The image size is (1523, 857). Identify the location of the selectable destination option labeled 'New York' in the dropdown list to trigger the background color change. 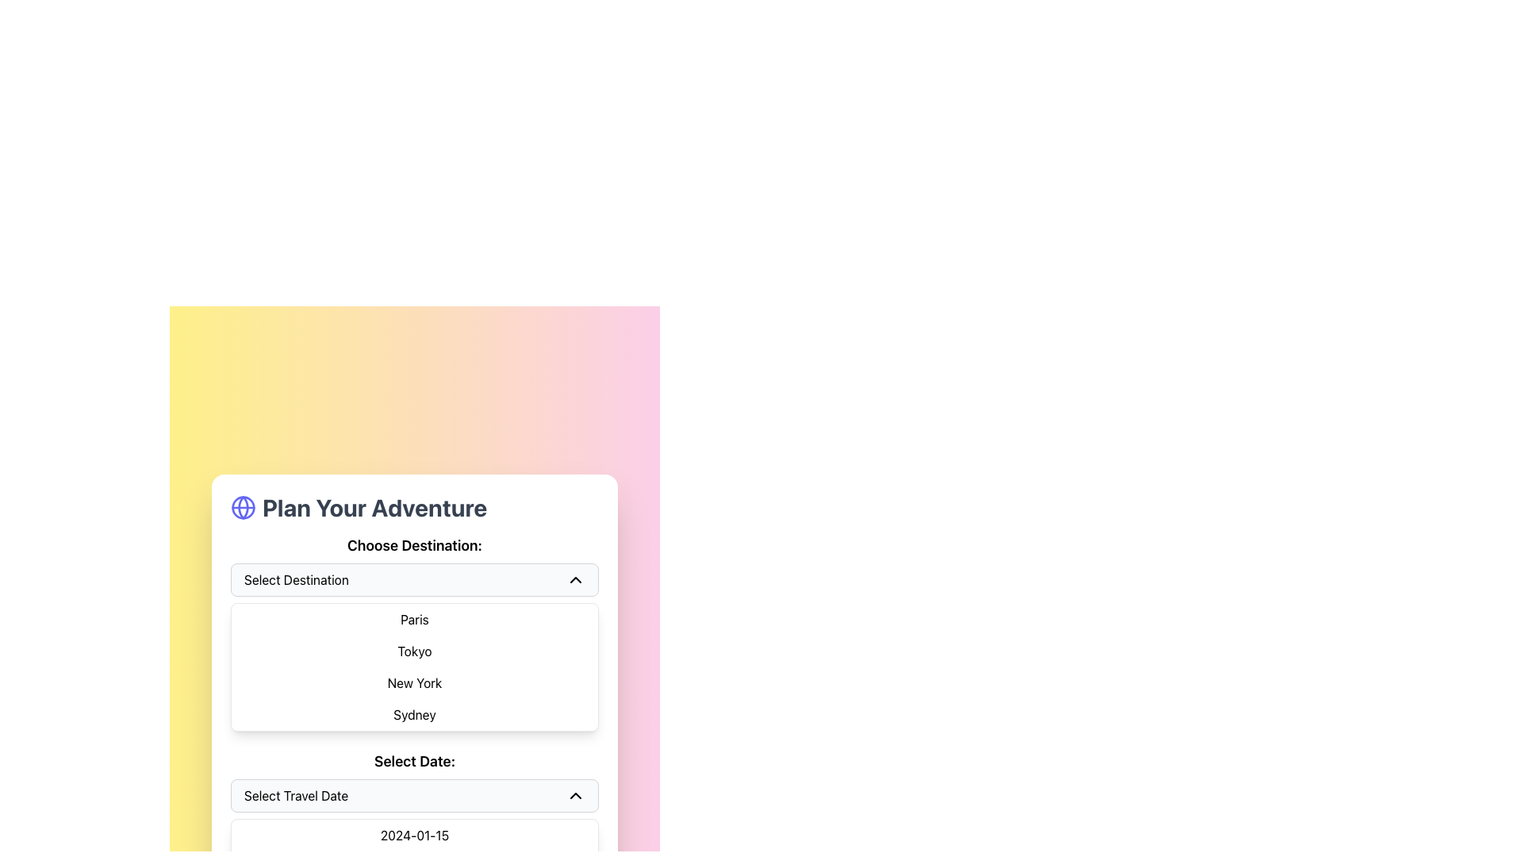
(415, 682).